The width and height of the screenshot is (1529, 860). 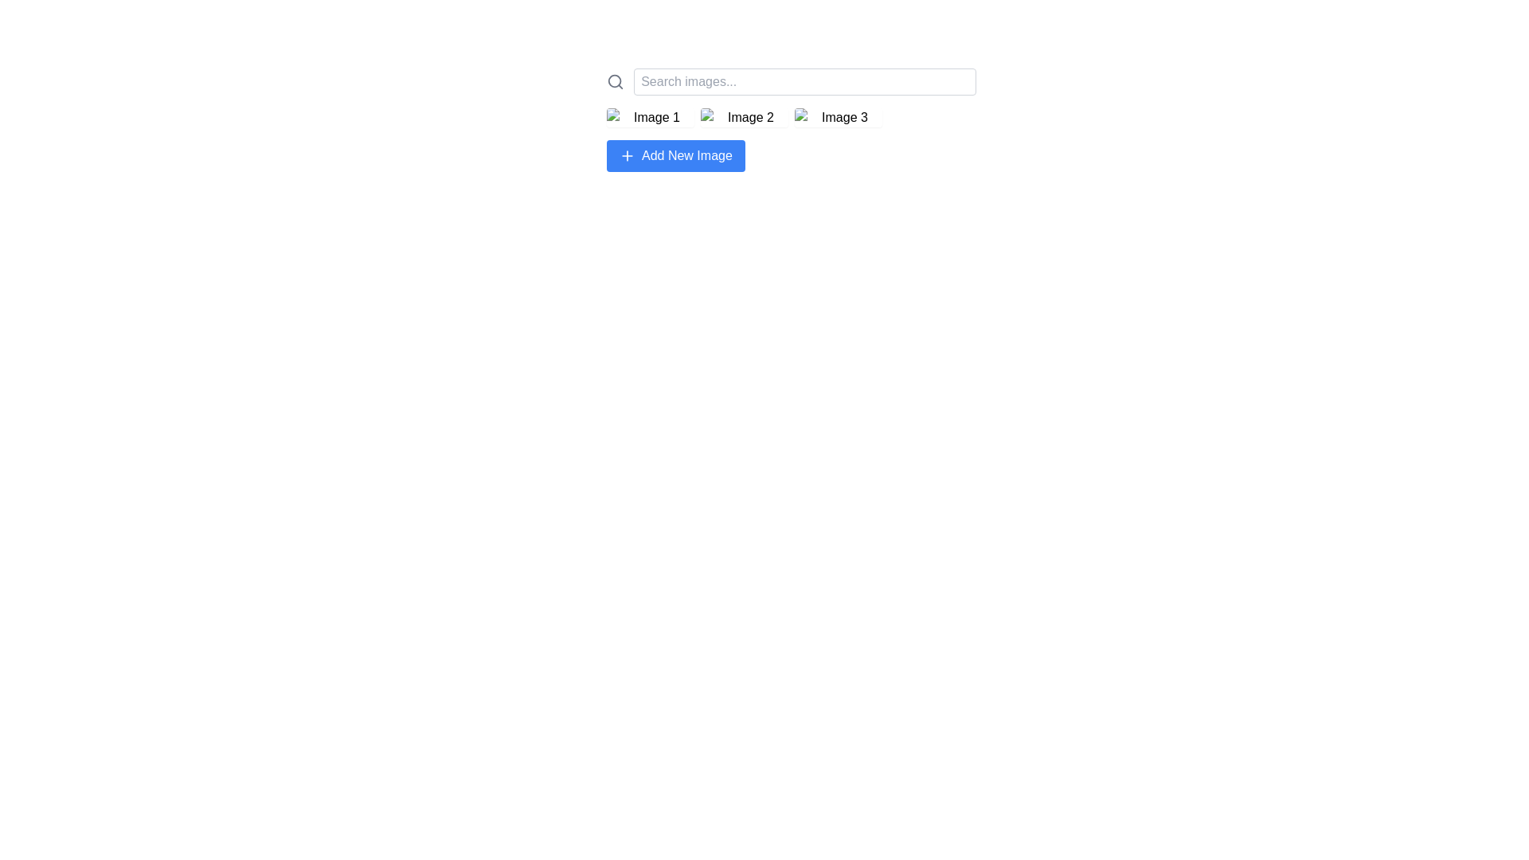 What do you see at coordinates (675, 156) in the screenshot?
I see `the blue button labeled 'Add New Image'` at bounding box center [675, 156].